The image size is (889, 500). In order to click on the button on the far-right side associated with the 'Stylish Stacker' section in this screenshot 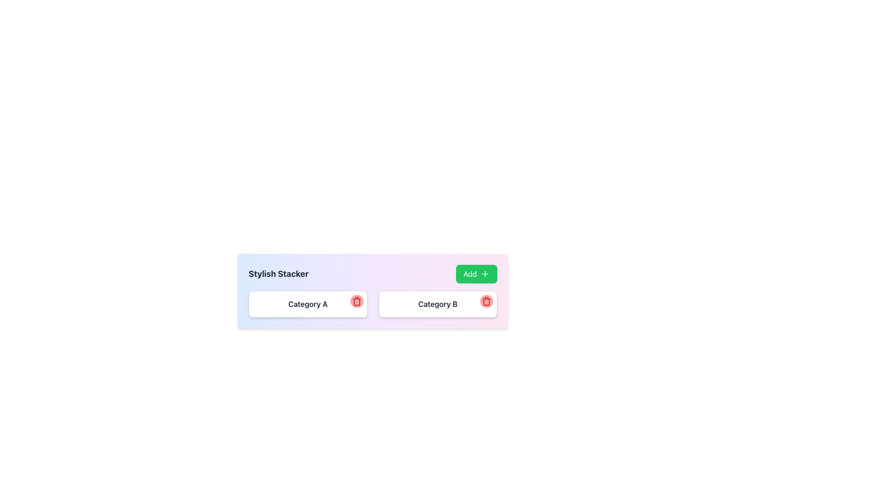, I will do `click(476, 273)`.